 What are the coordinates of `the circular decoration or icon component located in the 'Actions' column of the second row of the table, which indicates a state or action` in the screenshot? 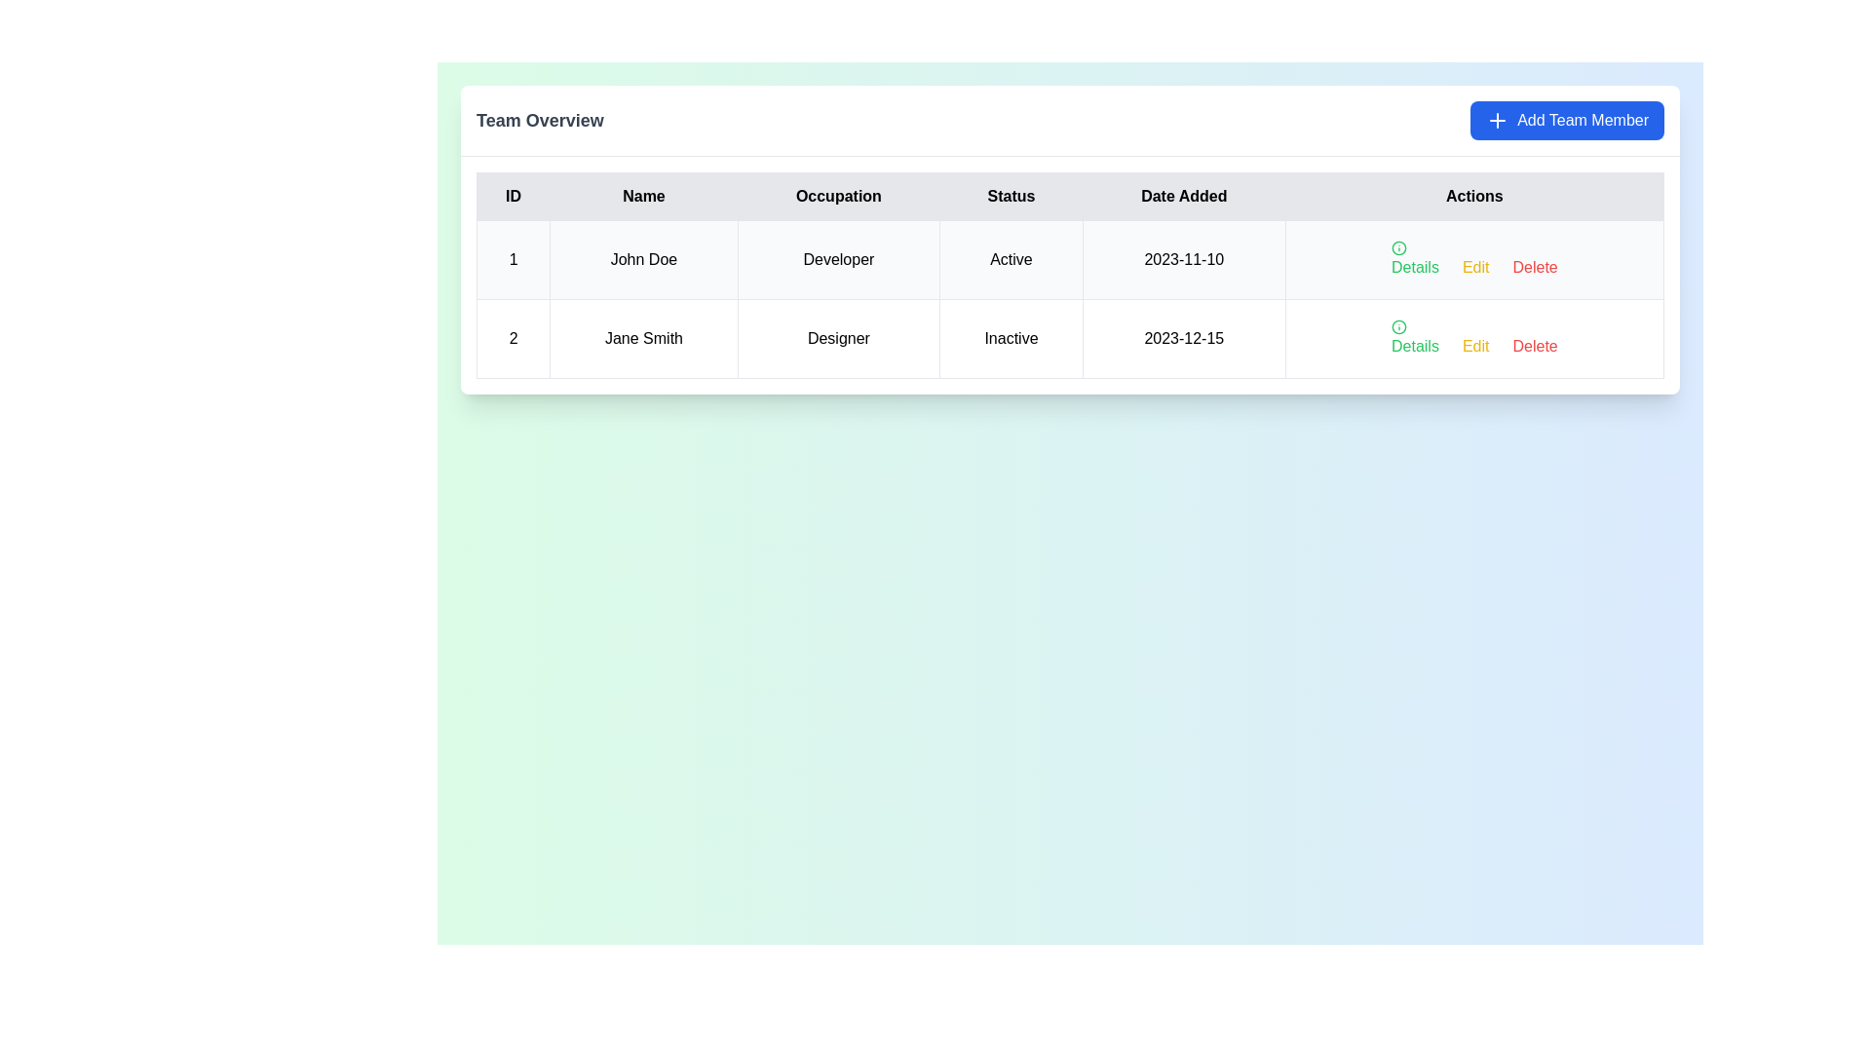 It's located at (1397, 325).